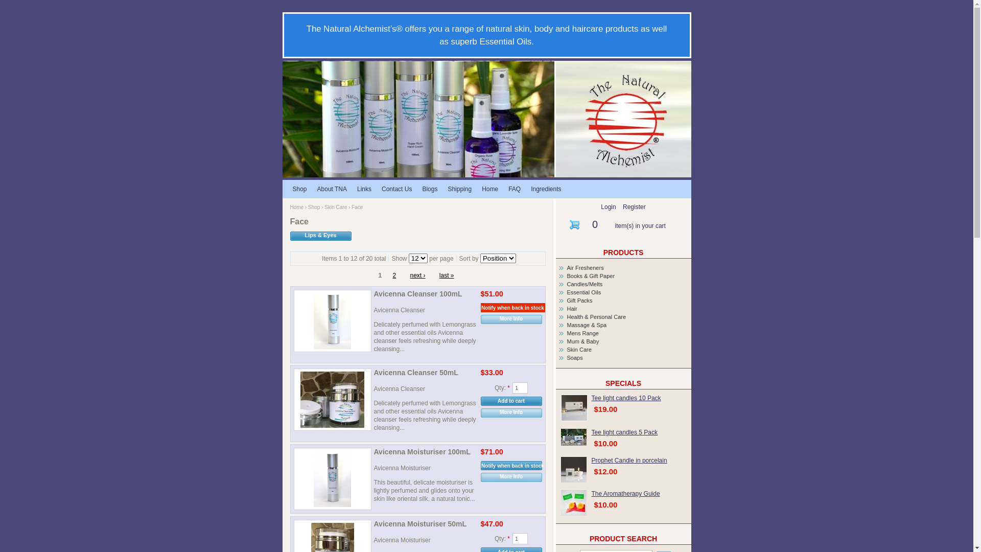  I want to click on 'Register', so click(634, 207).